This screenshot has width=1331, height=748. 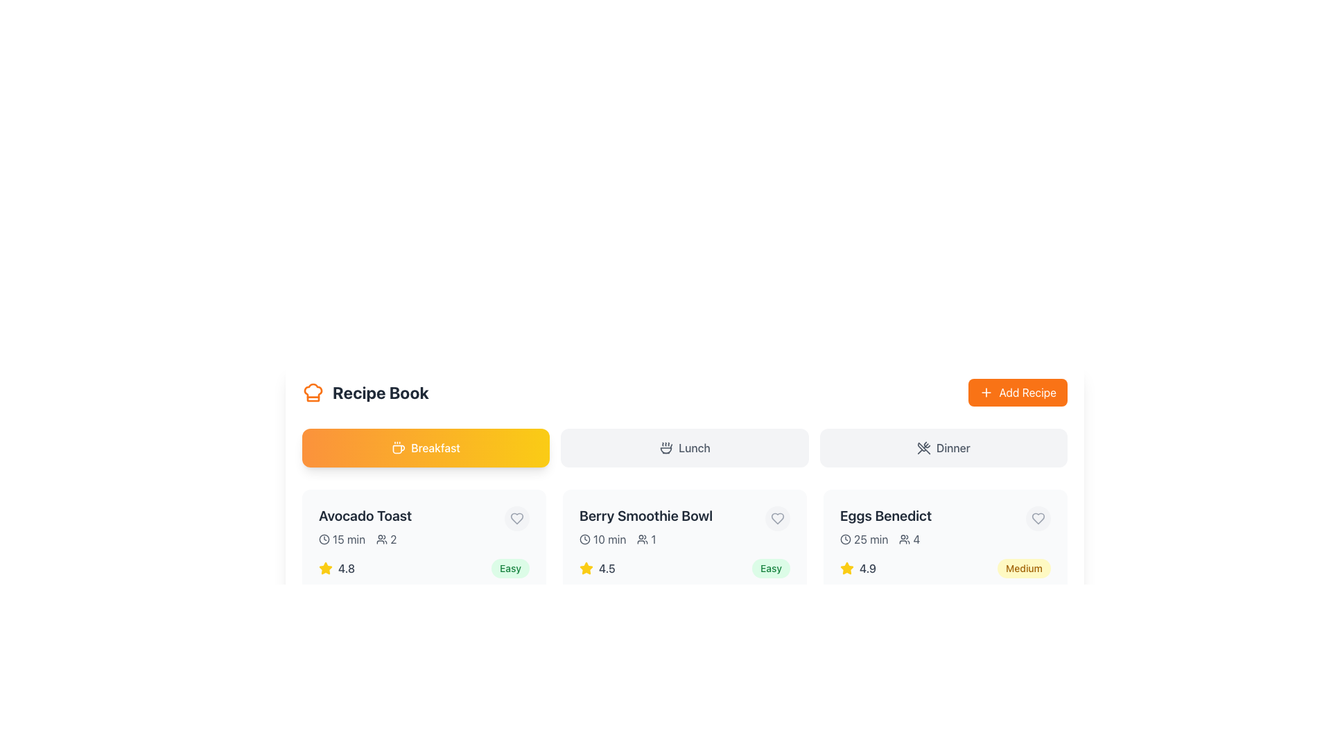 I want to click on the 'Avocado Toast' recipe card widget, which has a light gray background, rounded corners, and displays the title prominently in bold font. It is the leftmost card among three in the 'Breakfast' category, so click(x=423, y=564).